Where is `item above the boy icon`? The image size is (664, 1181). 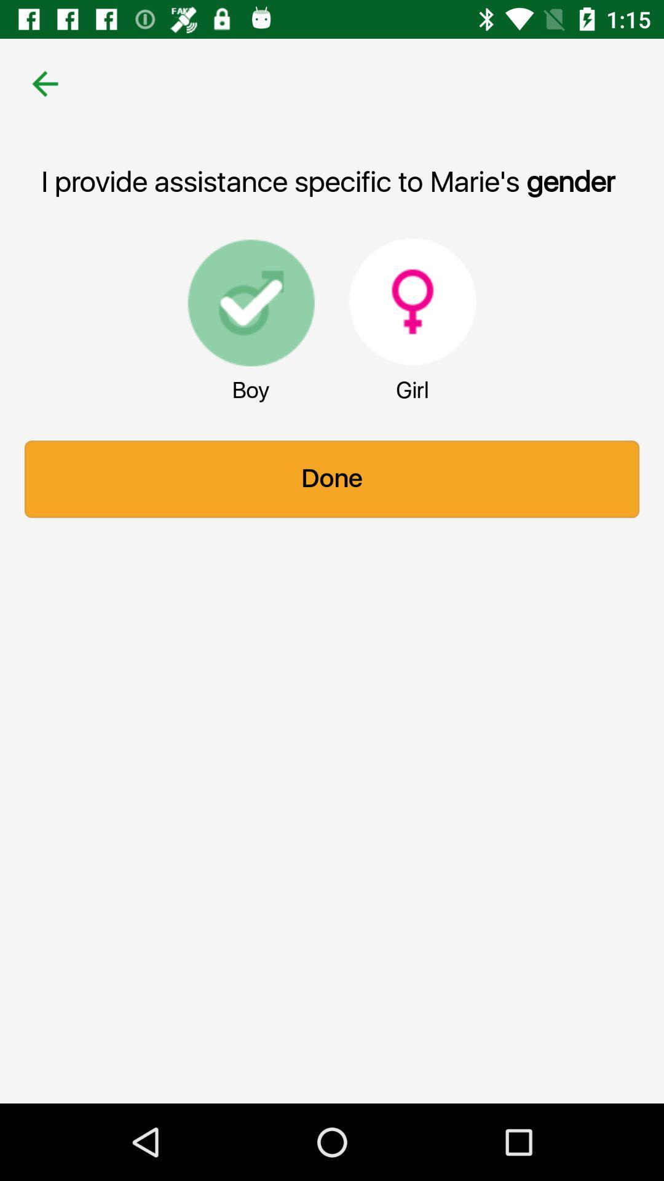 item above the boy icon is located at coordinates (250, 301).